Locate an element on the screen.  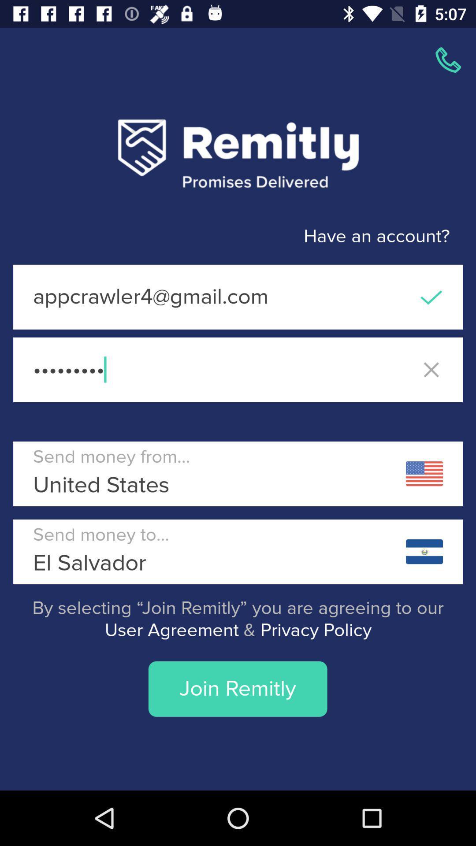
the by selecting join app is located at coordinates (238, 619).